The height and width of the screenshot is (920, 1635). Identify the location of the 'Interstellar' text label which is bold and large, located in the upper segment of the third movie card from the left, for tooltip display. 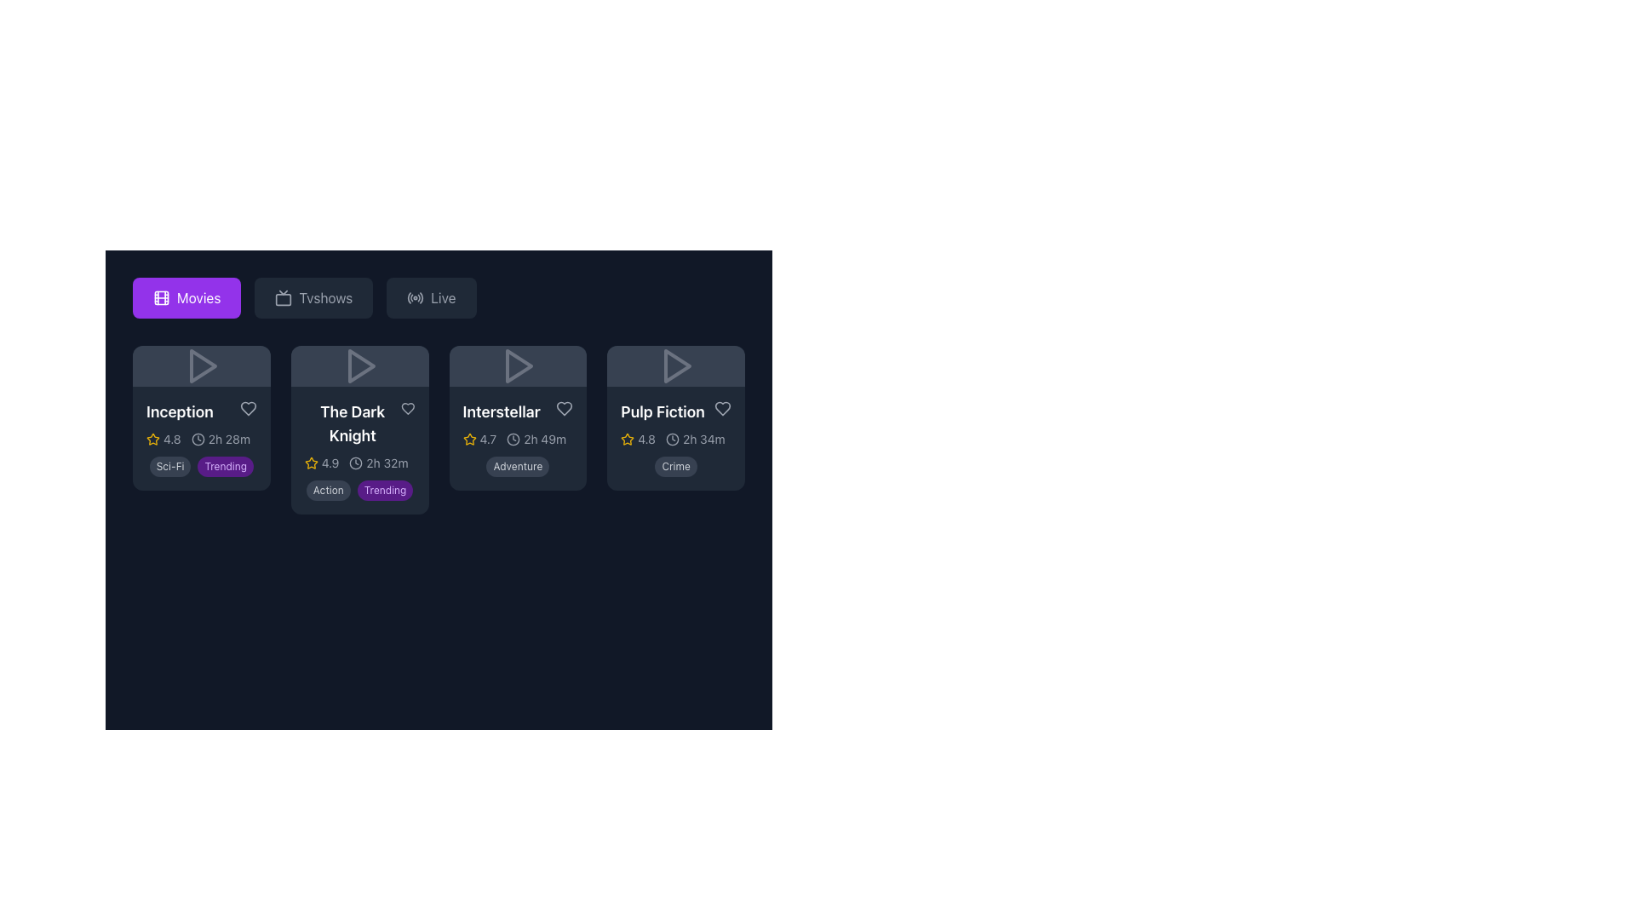
(517, 411).